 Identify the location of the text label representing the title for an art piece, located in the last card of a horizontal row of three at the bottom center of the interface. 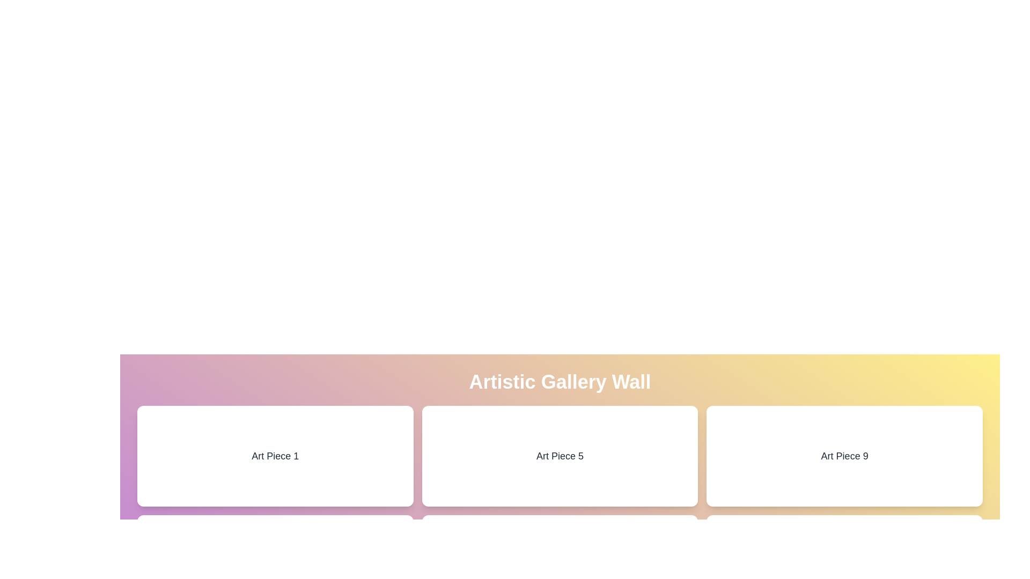
(844, 456).